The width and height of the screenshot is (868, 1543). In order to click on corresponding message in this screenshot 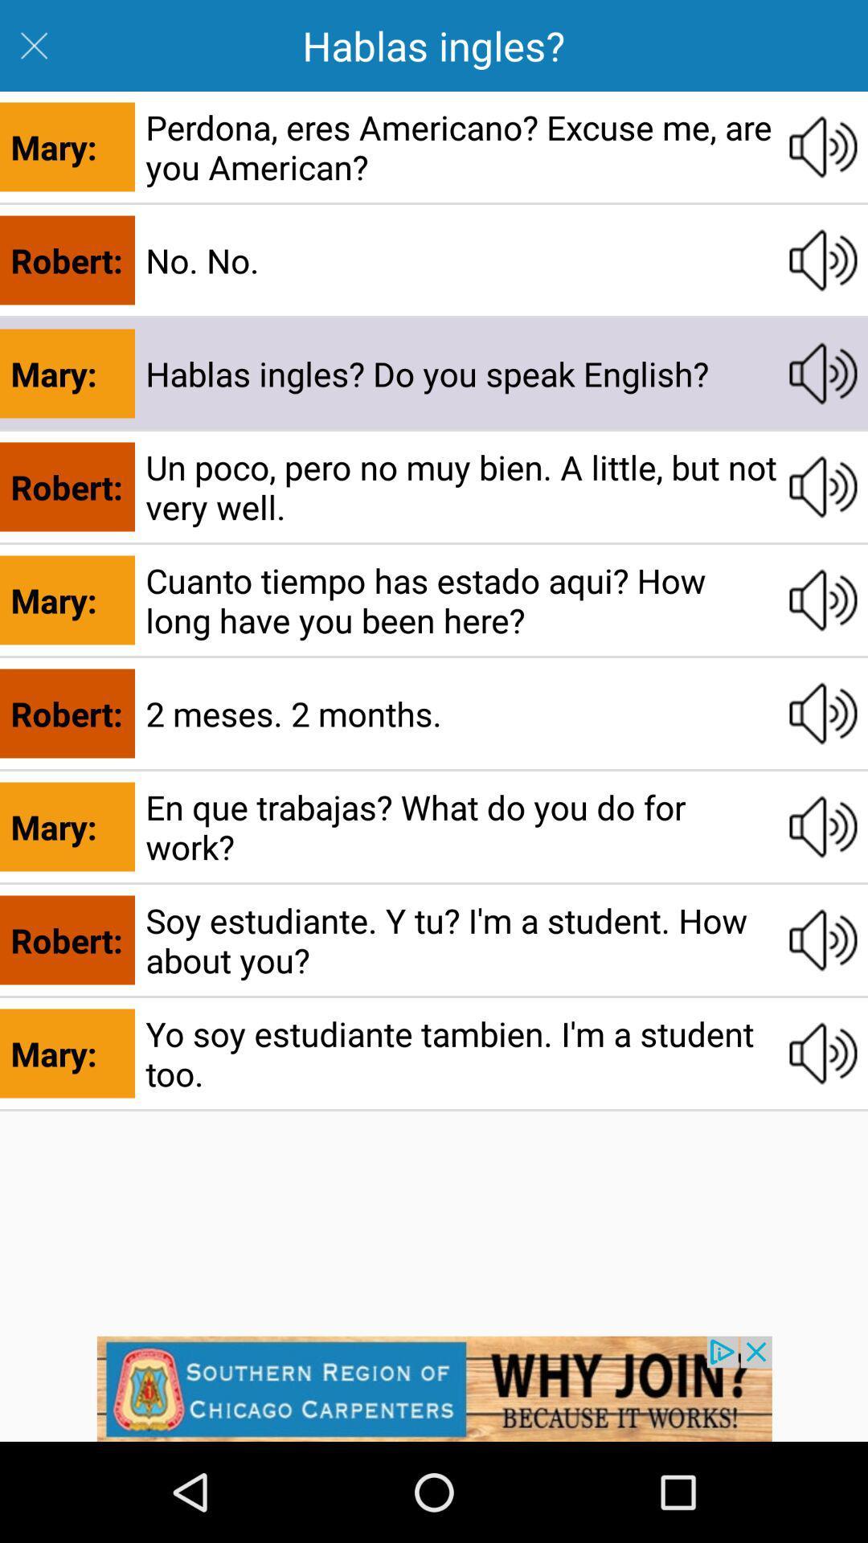, I will do `click(823, 940)`.